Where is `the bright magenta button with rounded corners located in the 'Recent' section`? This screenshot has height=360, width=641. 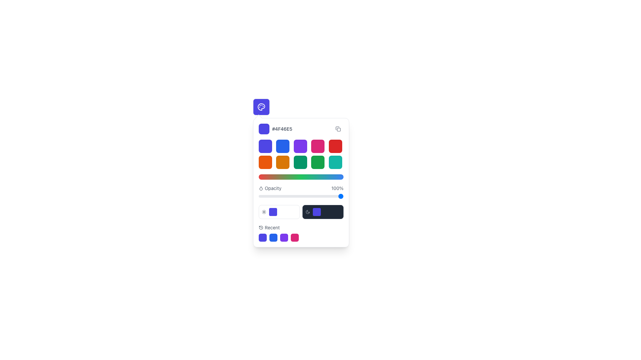
the bright magenta button with rounded corners located in the 'Recent' section is located at coordinates (294, 237).